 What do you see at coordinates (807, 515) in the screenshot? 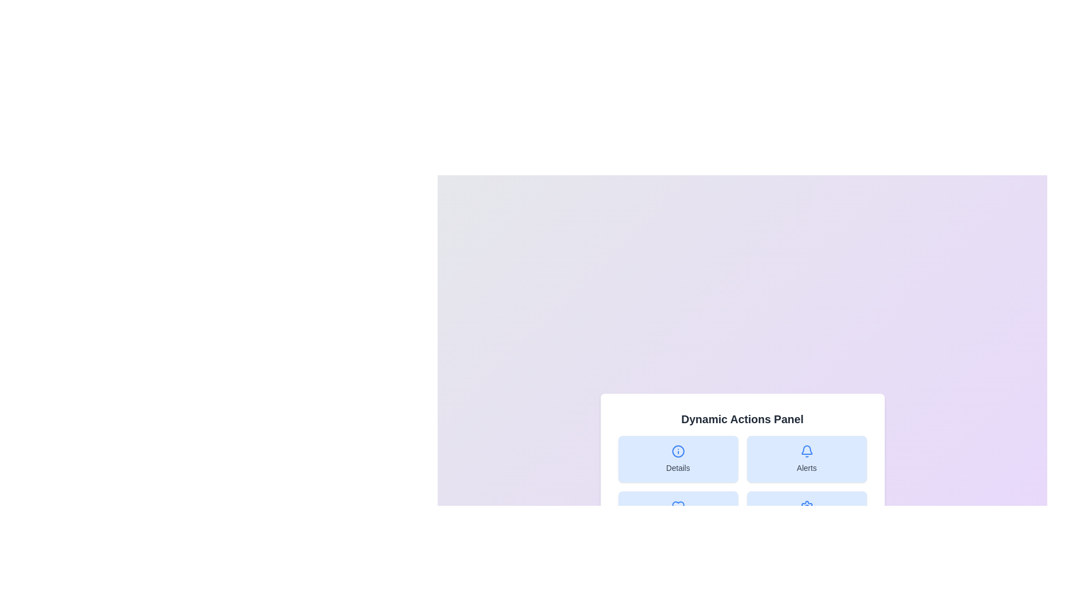
I see `the settings button located in the bottom-right corner of the grid layout, which is below the 'Details' and 'Alerts' buttons and to the right of the 'Favorites' button` at bounding box center [807, 515].